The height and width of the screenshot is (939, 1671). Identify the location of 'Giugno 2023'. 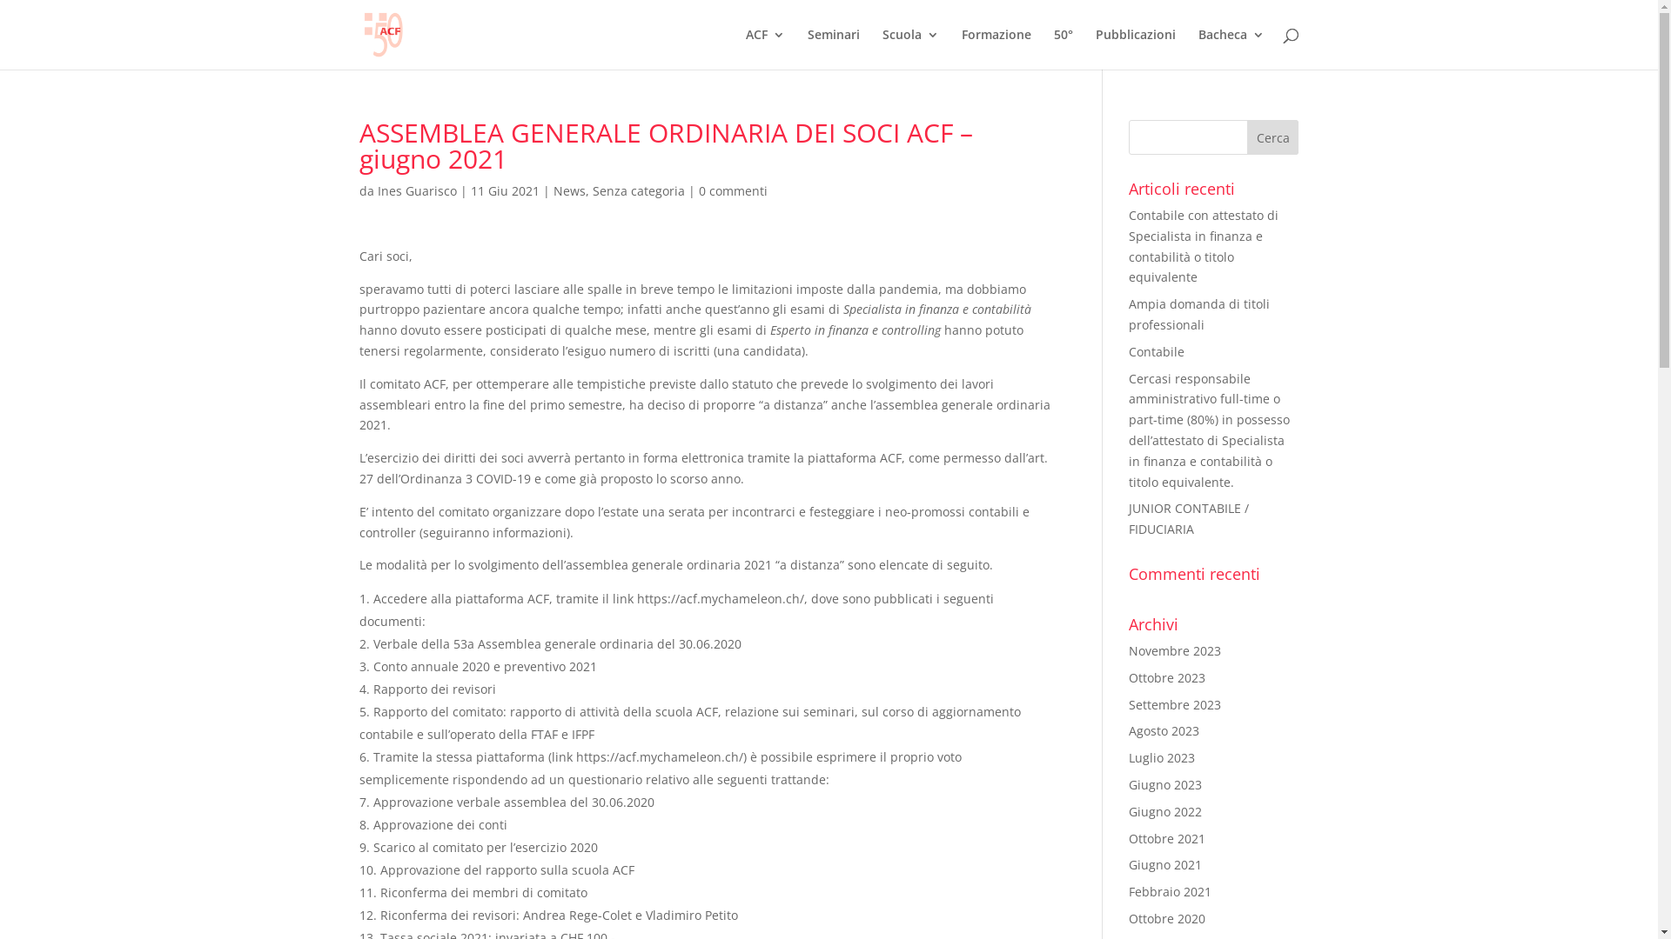
(1165, 784).